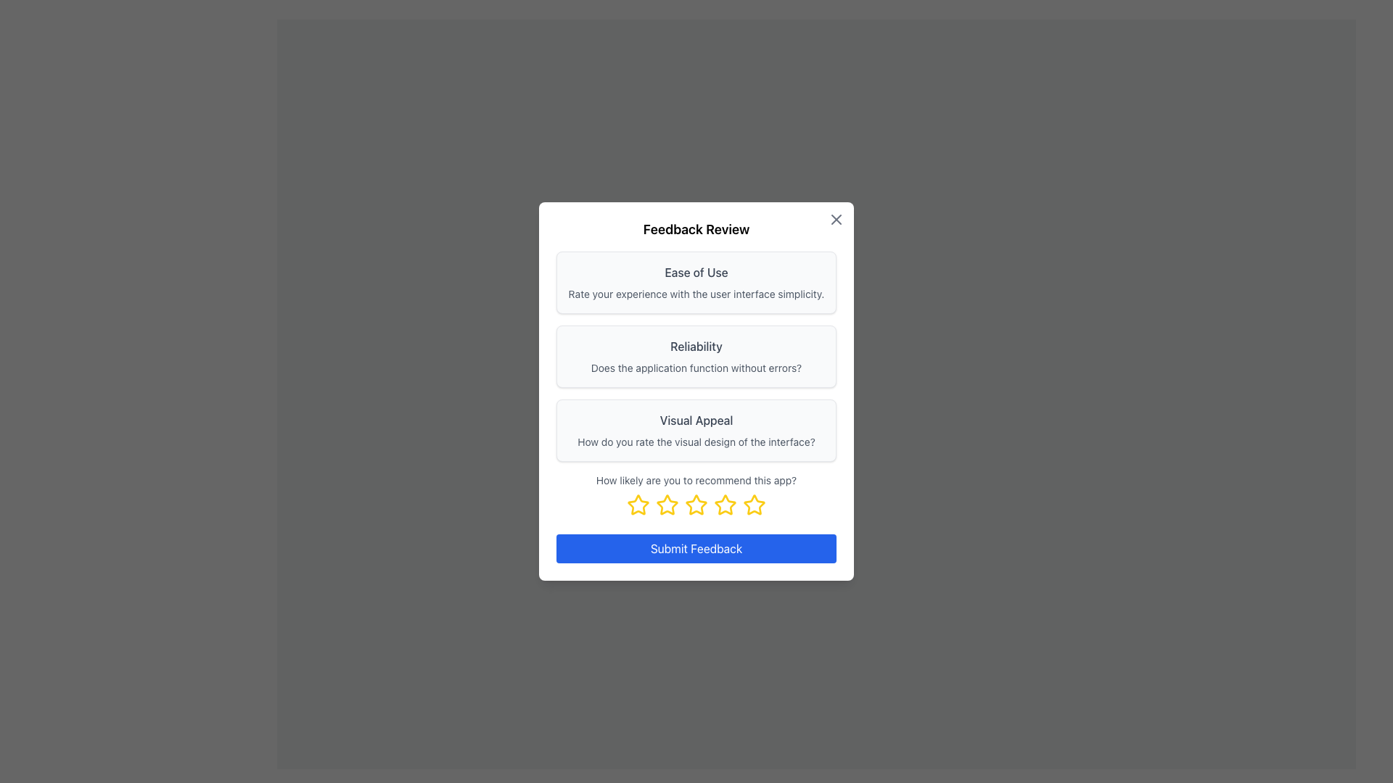  I want to click on the fifth interactive star icon, which is a hollow star with a yellow border and white interior, located above the blue 'Submit Feedback' button in the feedback review modal, so click(755, 504).